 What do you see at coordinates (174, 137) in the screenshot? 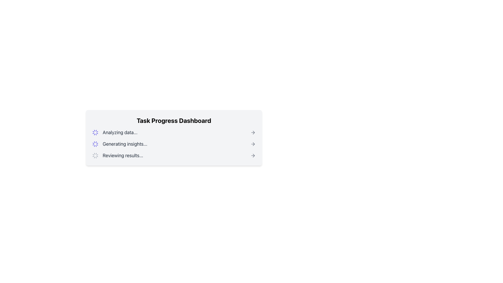
I see `the first card component in the dashboard that summarizes task progress and provides real-time updates` at bounding box center [174, 137].